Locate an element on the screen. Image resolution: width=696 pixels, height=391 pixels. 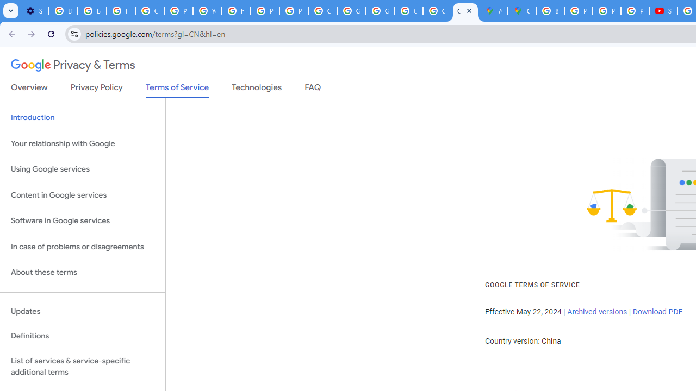
'Your relationship with Google' is located at coordinates (82, 143).